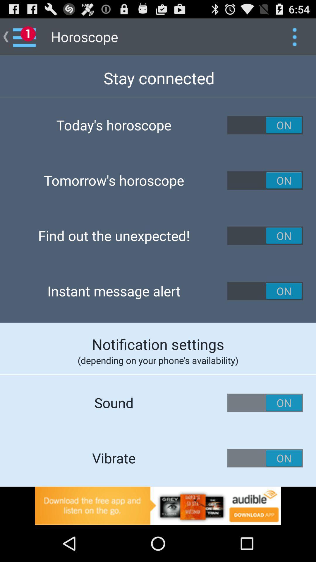 This screenshot has width=316, height=562. Describe the element at coordinates (265, 125) in the screenshot. I see `to know todays horoscope` at that location.